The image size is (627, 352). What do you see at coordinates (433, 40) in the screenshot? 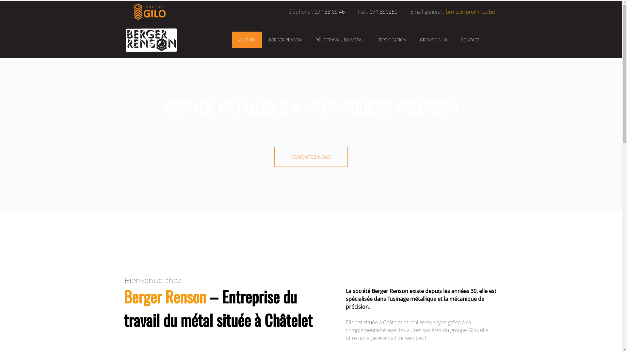
I see `'GROUPE GILO'` at bounding box center [433, 40].